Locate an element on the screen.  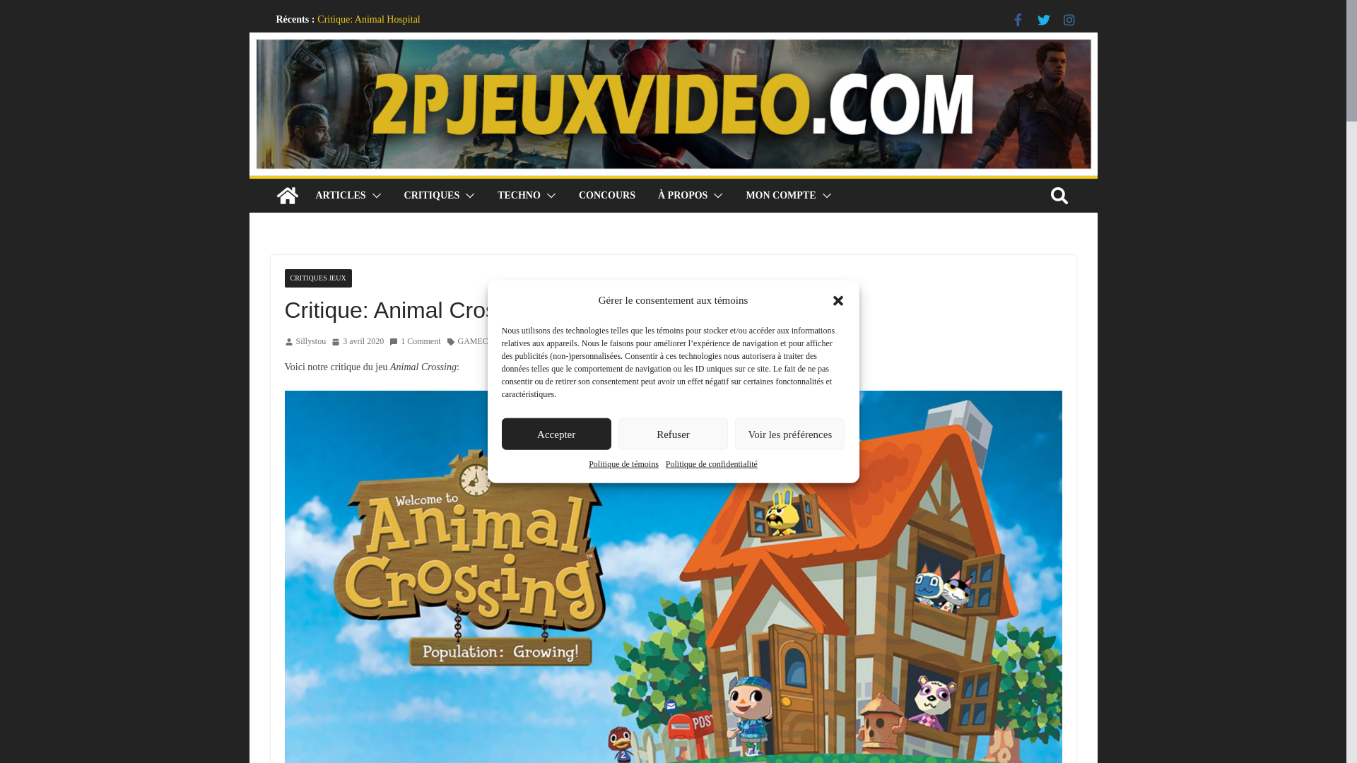
'1 Comment' is located at coordinates (413, 341).